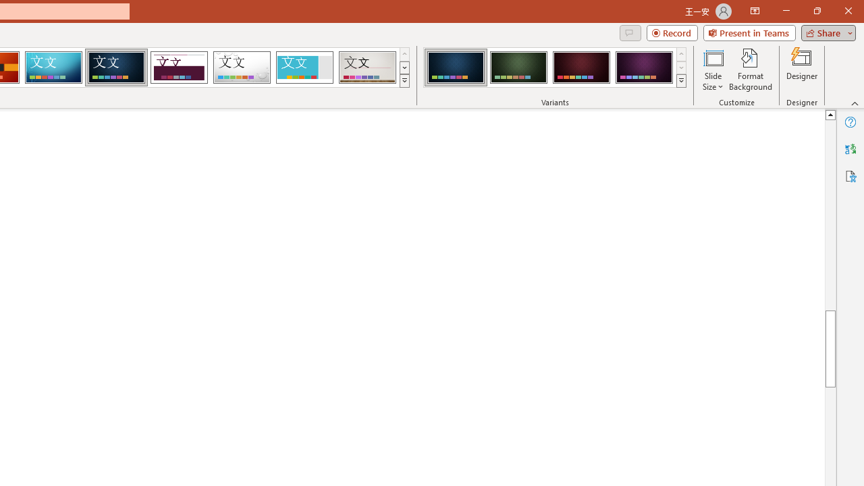 This screenshot has height=486, width=864. Describe the element at coordinates (116, 67) in the screenshot. I see `'Damask'` at that location.